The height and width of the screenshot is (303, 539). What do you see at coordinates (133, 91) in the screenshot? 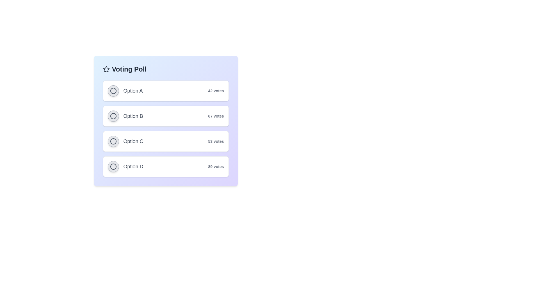
I see `the label that indicates the choice in the voting interface, located on the first row and directly to the right of the corresponding radio button` at bounding box center [133, 91].